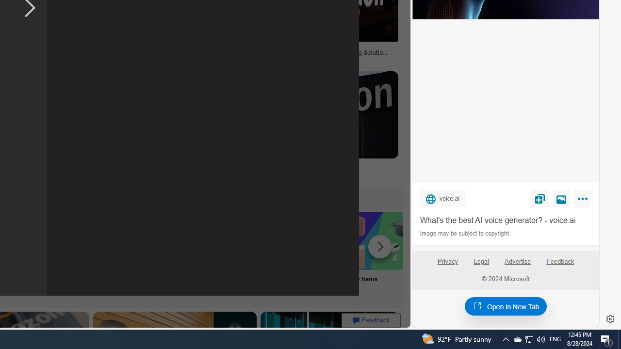  What do you see at coordinates (561, 198) in the screenshot?
I see `'View image'` at bounding box center [561, 198].